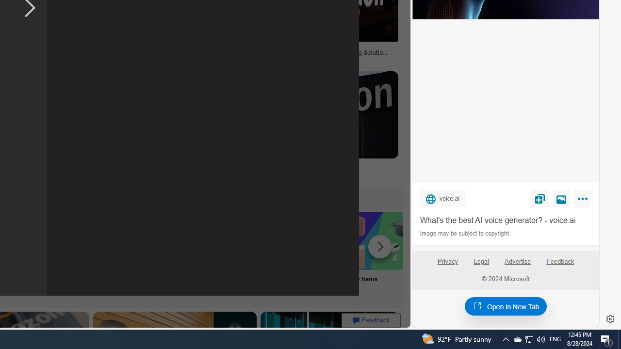  What do you see at coordinates (561, 198) in the screenshot?
I see `'View image'` at bounding box center [561, 198].